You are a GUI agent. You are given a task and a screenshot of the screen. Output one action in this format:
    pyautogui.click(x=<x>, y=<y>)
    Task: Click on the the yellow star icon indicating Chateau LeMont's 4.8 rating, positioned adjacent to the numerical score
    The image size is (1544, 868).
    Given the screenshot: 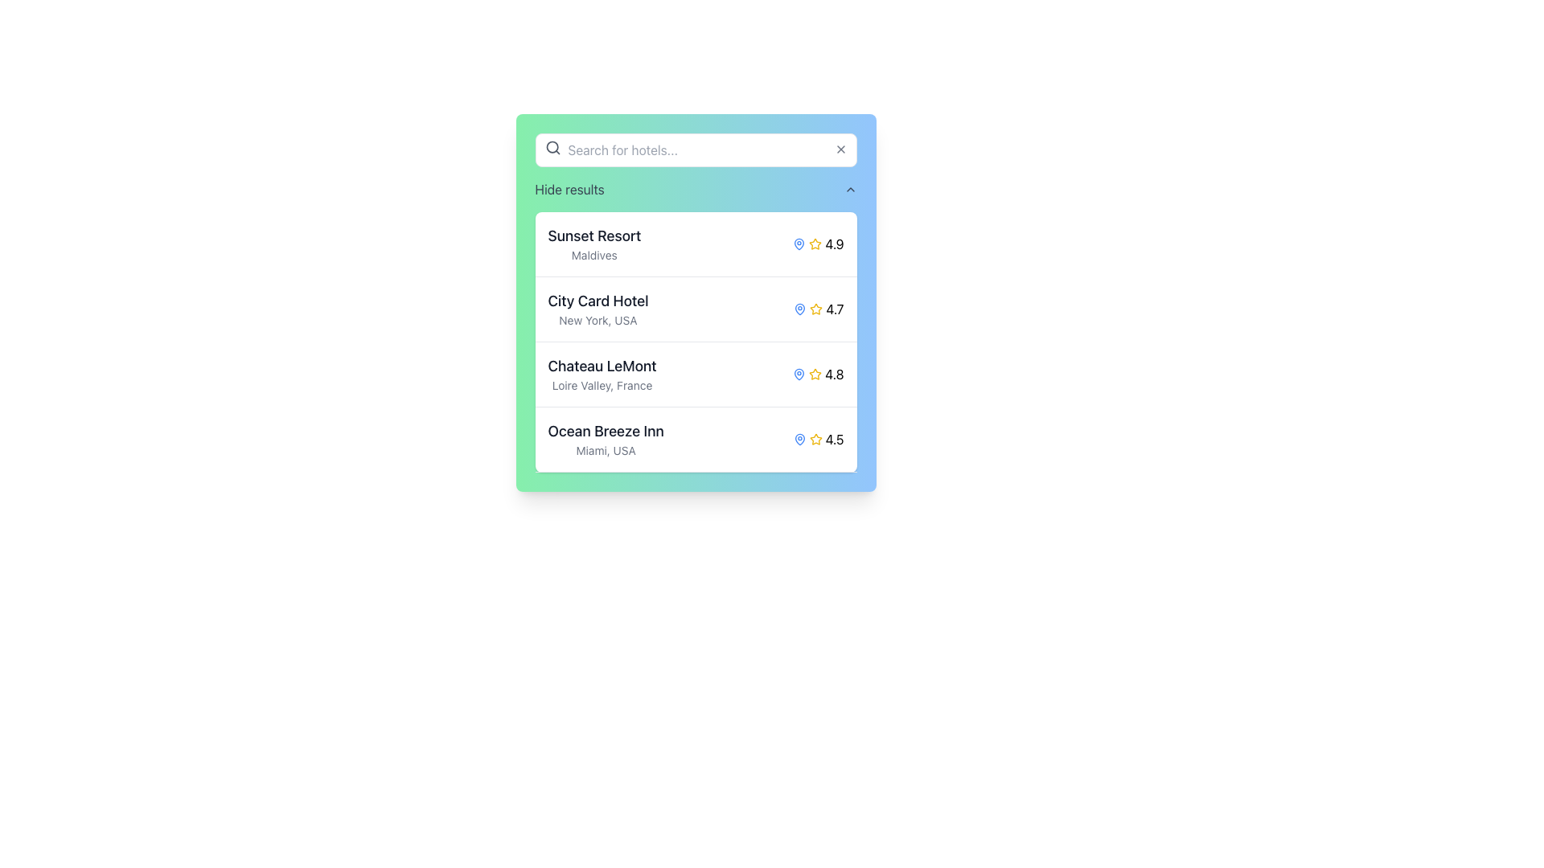 What is the action you would take?
    pyautogui.click(x=815, y=374)
    